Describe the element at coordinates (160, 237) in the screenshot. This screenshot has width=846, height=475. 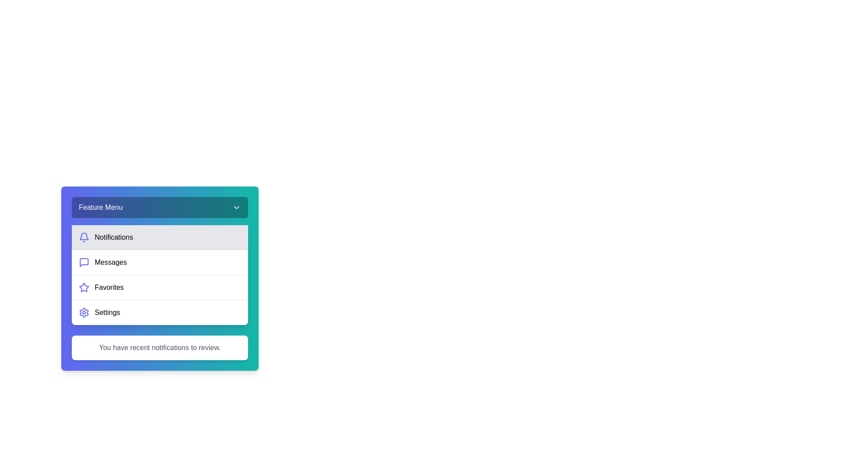
I see `the 'Notifications' menu item located directly below the 'Feature Menu' title` at that location.